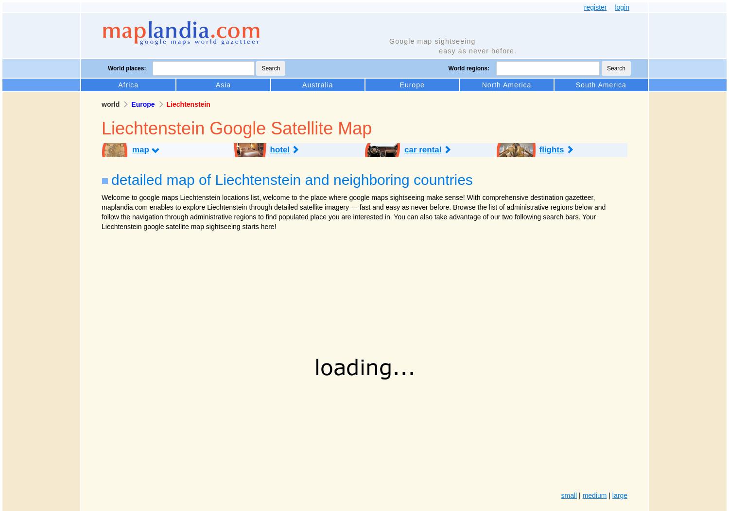  I want to click on 'easy as never before.', so click(477, 50).